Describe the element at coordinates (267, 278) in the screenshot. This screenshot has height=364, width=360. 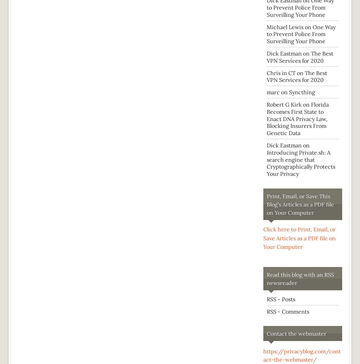
I see `'Read this blog with an RSS newsreader'` at that location.